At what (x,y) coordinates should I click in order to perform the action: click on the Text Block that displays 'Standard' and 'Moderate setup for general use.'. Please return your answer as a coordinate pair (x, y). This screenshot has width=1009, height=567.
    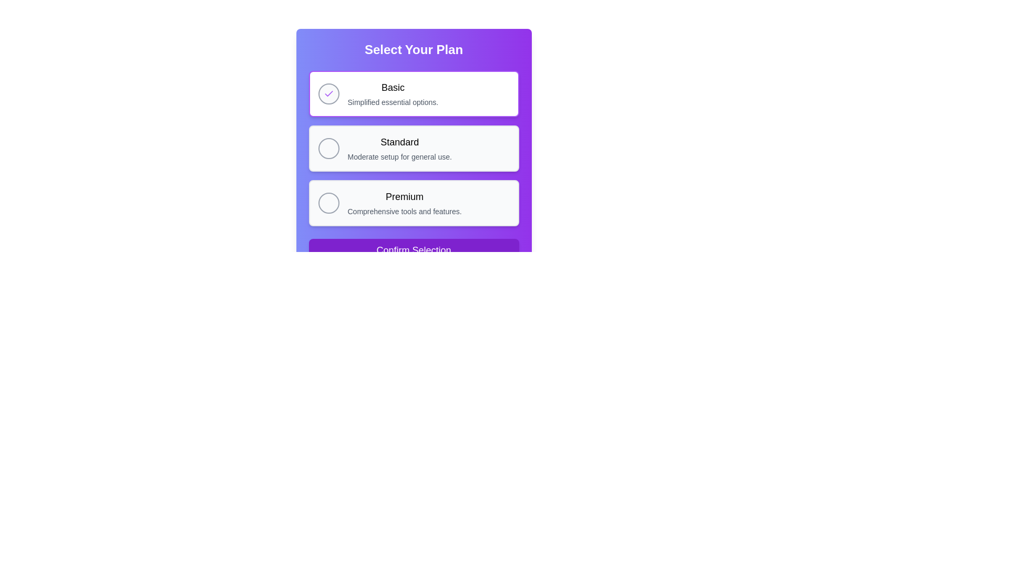
    Looking at the image, I should click on (399, 148).